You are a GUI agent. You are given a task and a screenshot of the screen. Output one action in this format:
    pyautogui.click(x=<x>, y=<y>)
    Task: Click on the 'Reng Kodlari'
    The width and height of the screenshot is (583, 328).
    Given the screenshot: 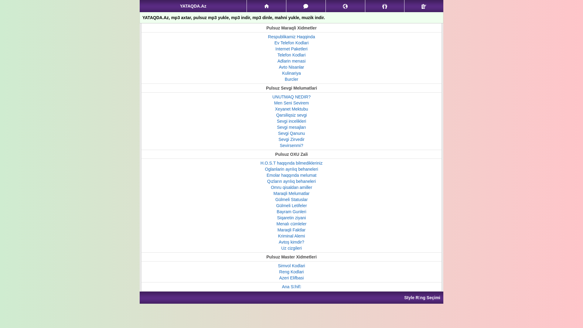 What is the action you would take?
    pyautogui.click(x=279, y=271)
    